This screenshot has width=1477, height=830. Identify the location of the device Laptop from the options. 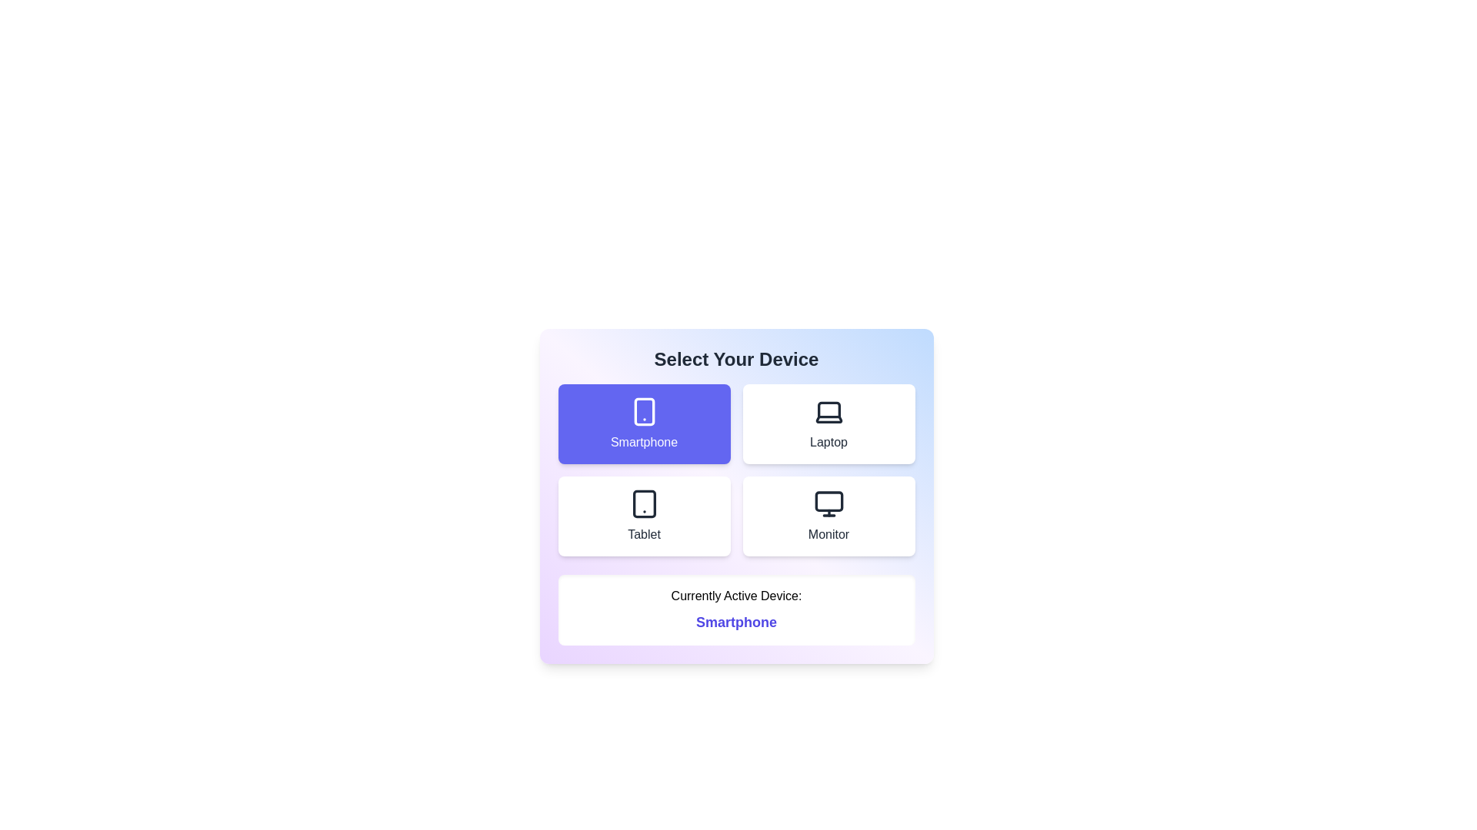
(828, 423).